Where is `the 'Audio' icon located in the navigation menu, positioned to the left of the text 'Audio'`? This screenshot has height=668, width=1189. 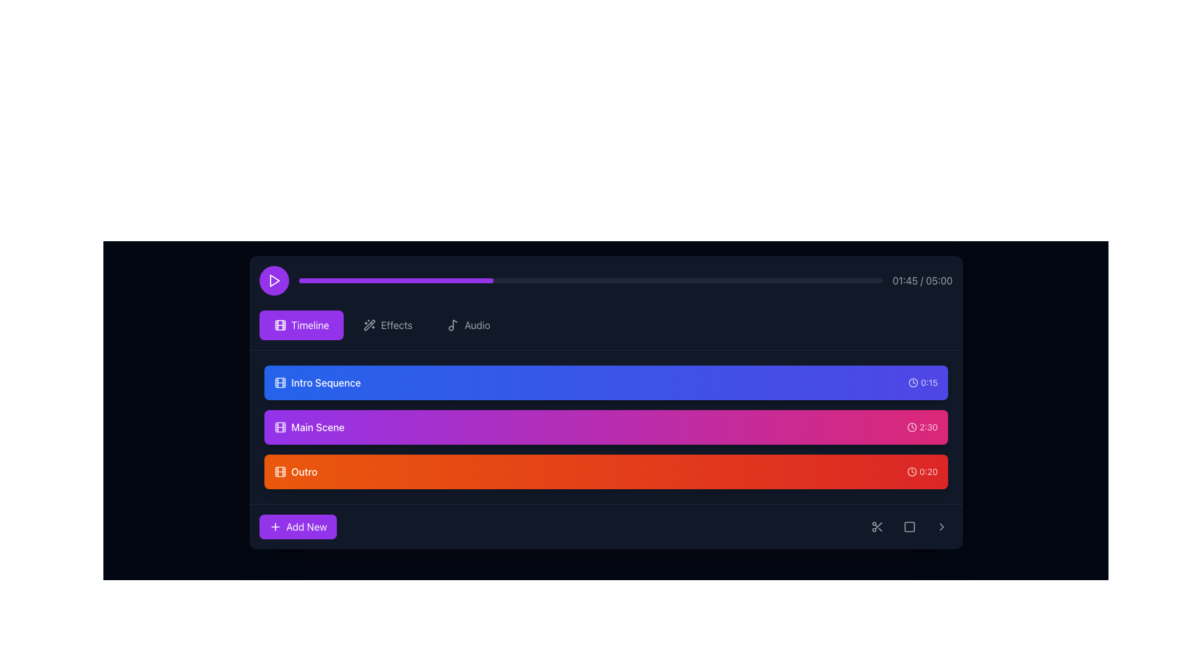 the 'Audio' icon located in the navigation menu, positioned to the left of the text 'Audio' is located at coordinates (453, 324).